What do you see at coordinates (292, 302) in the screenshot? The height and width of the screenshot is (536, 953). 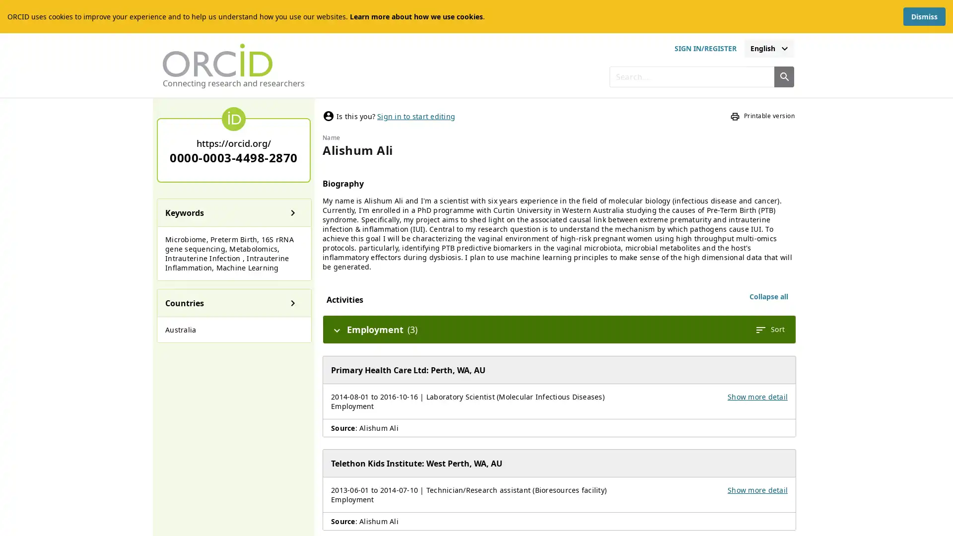 I see `Show details` at bounding box center [292, 302].